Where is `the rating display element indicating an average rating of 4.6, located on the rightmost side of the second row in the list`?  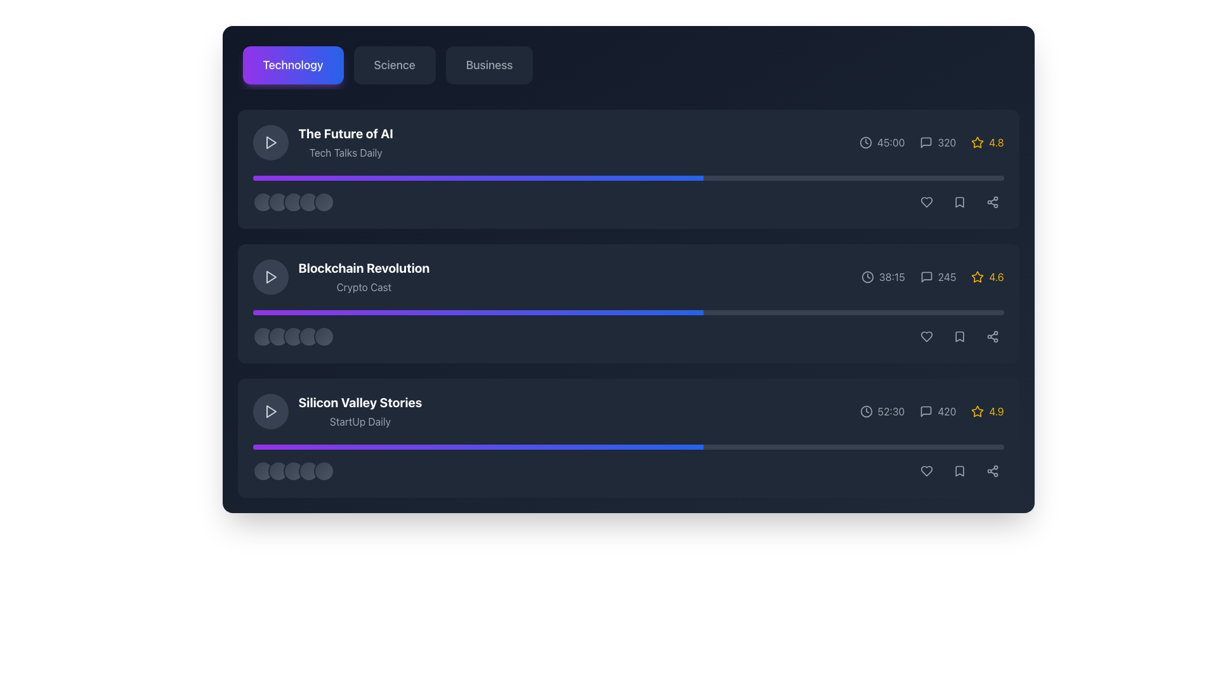 the rating display element indicating an average rating of 4.6, located on the rightmost side of the second row in the list is located at coordinates (986, 276).